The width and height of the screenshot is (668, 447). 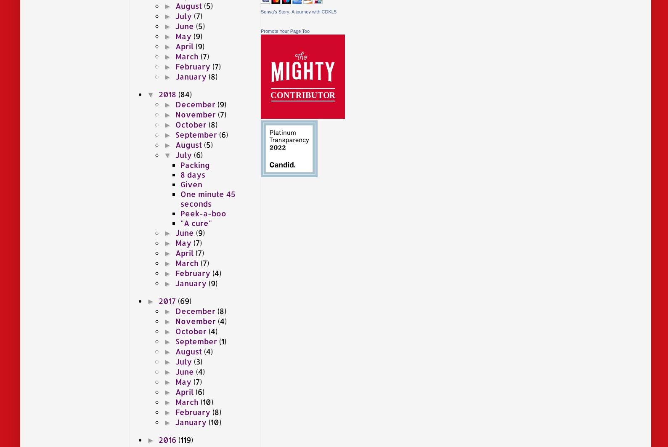 What do you see at coordinates (191, 183) in the screenshot?
I see `'Given'` at bounding box center [191, 183].